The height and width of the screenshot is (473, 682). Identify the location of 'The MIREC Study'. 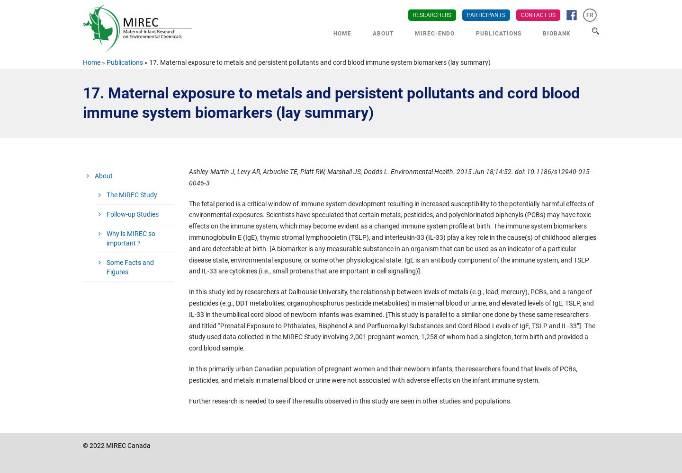
(131, 195).